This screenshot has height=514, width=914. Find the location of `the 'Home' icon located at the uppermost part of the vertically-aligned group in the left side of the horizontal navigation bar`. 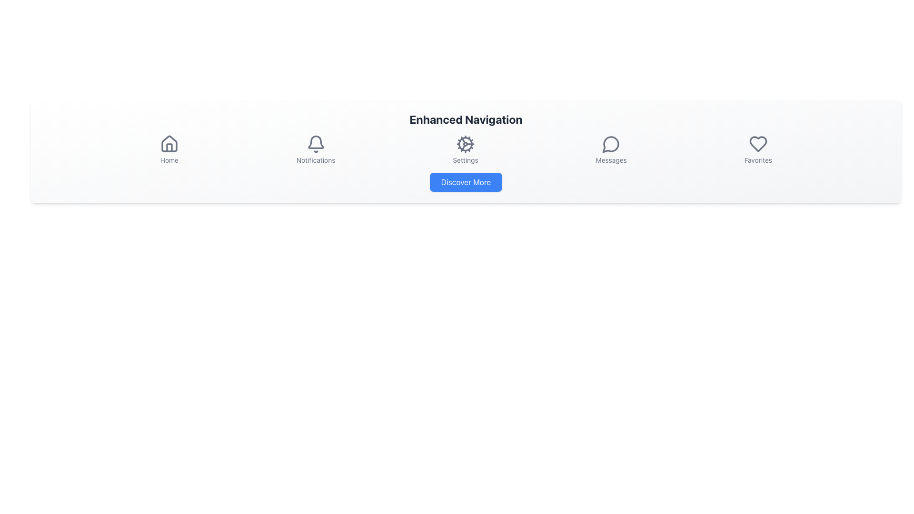

the 'Home' icon located at the uppermost part of the vertically-aligned group in the left side of the horizontal navigation bar is located at coordinates (169, 144).